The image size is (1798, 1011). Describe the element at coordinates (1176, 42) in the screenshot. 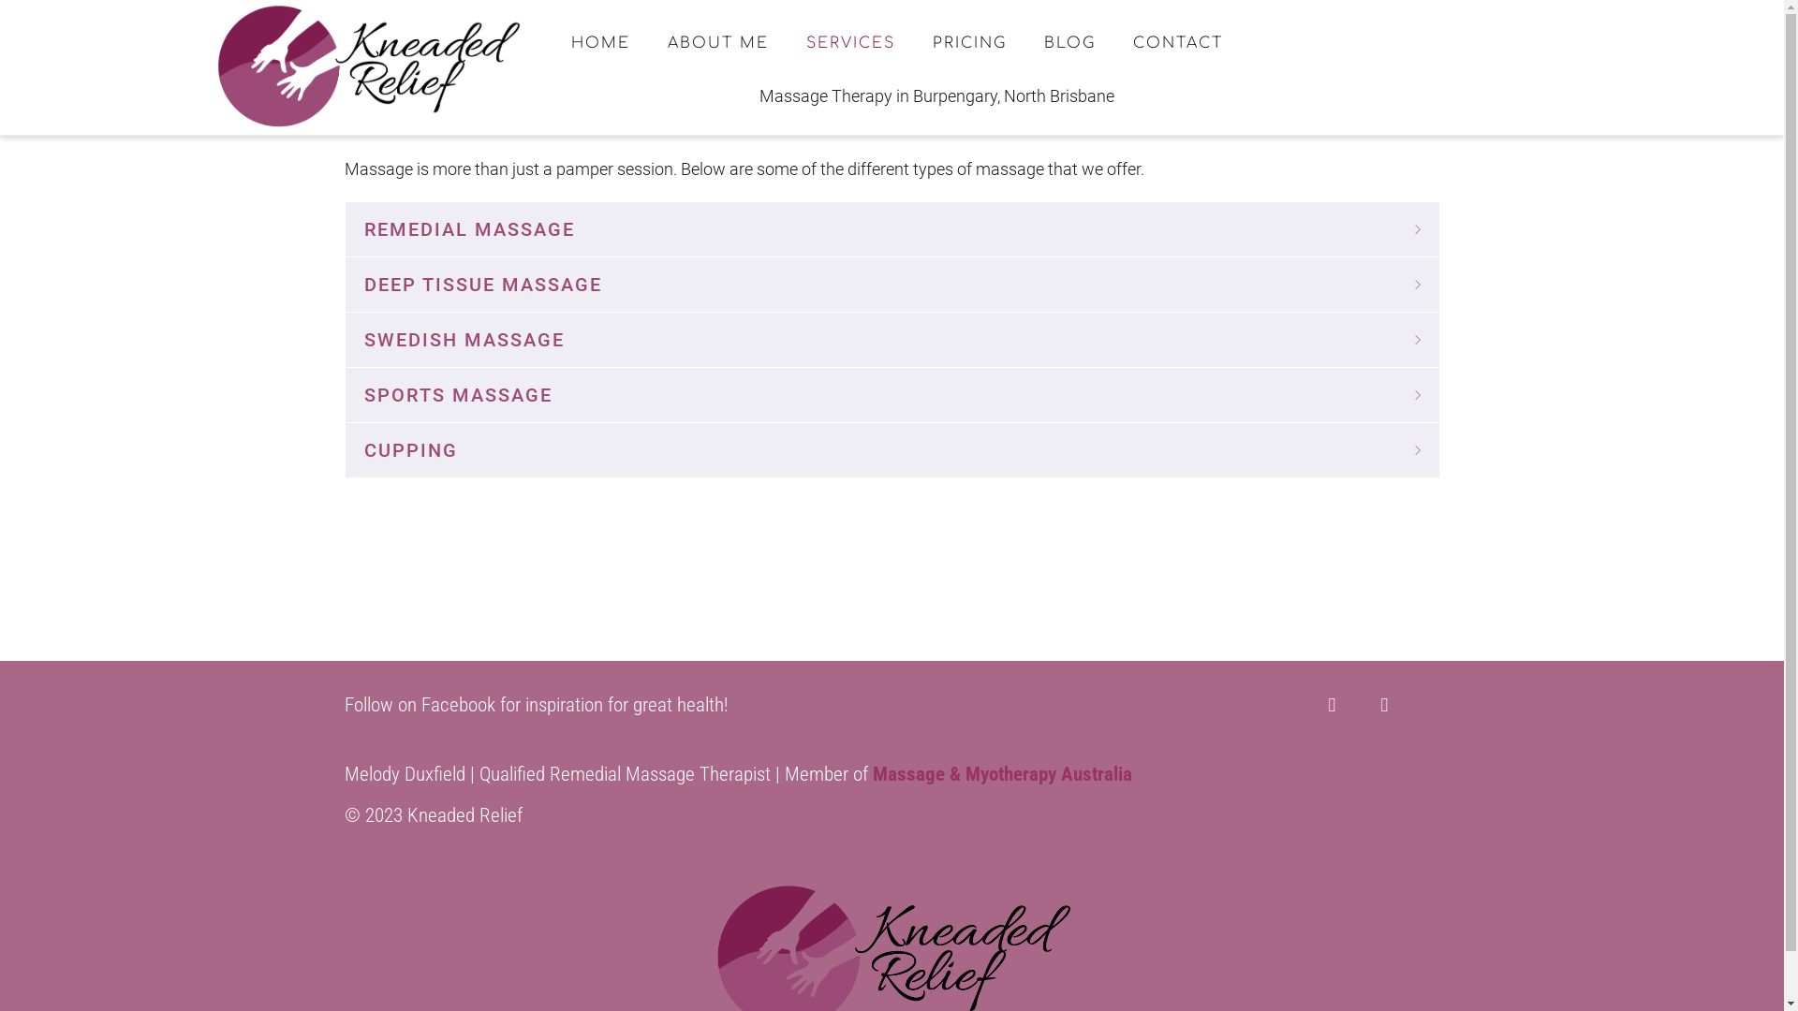

I see `'CONTACT'` at that location.